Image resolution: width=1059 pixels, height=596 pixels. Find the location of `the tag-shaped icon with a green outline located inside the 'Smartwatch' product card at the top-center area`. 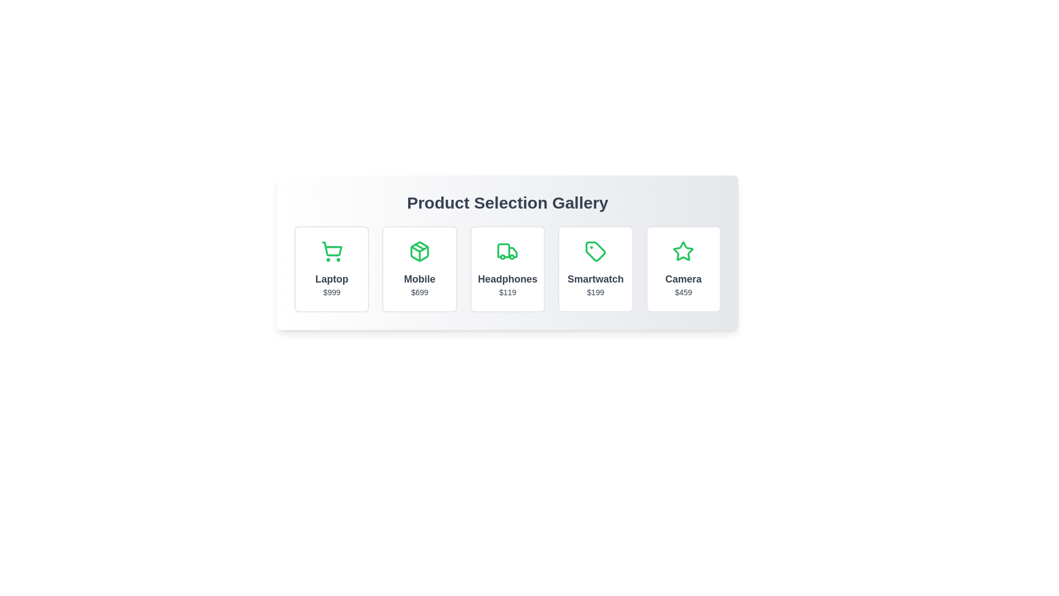

the tag-shaped icon with a green outline located inside the 'Smartwatch' product card at the top-center area is located at coordinates (595, 251).